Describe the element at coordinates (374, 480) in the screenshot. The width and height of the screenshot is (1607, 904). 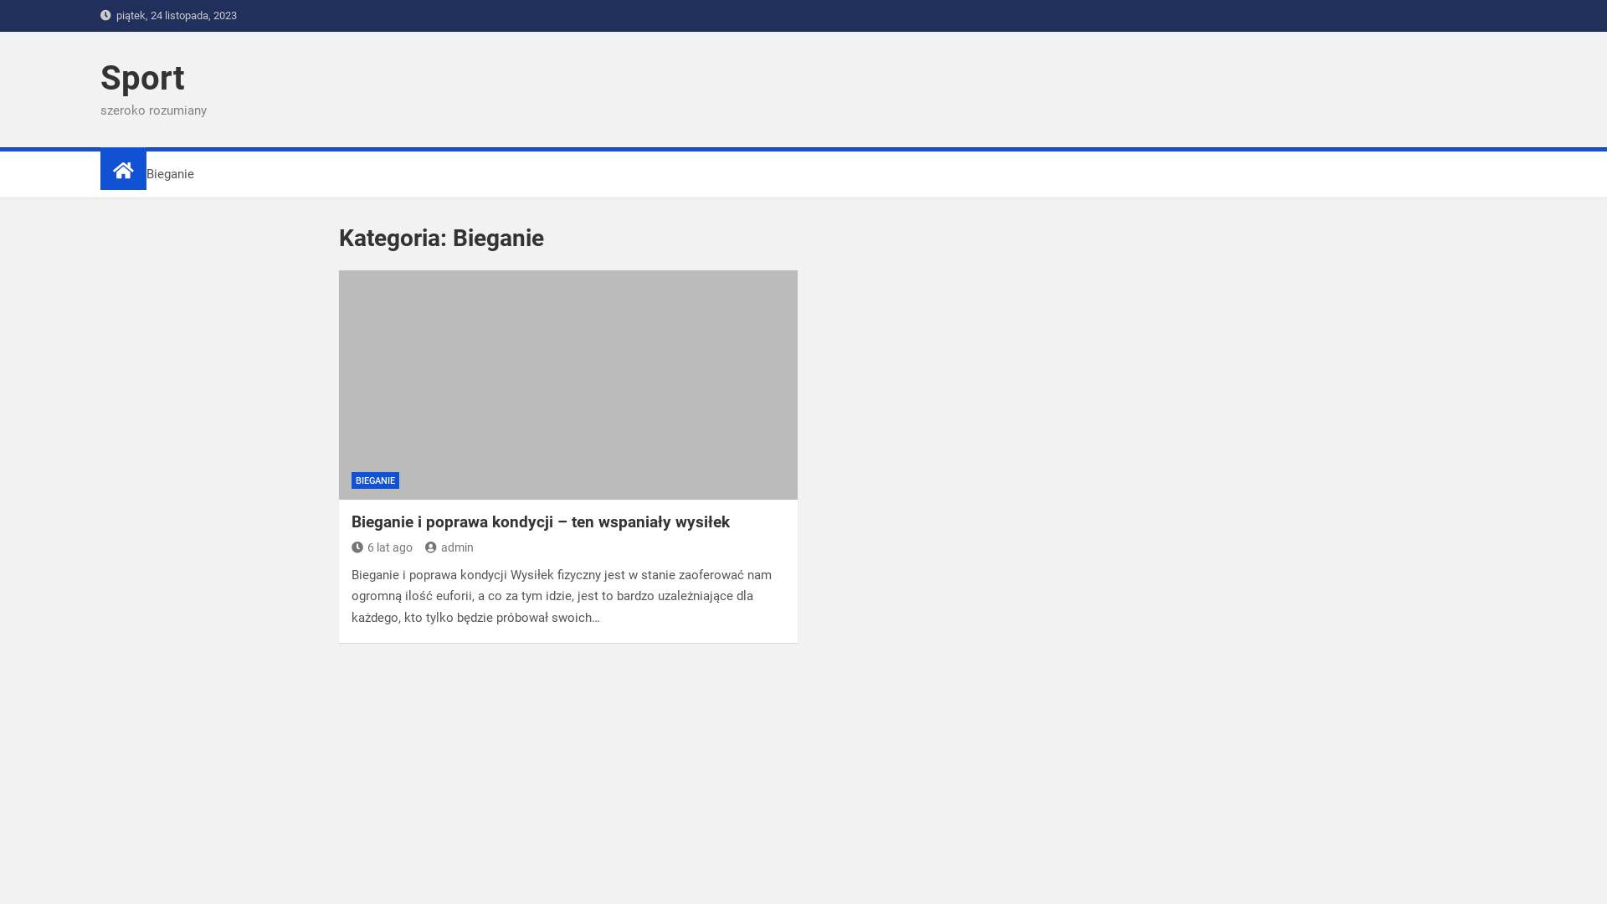
I see `'BIEGANIE'` at that location.